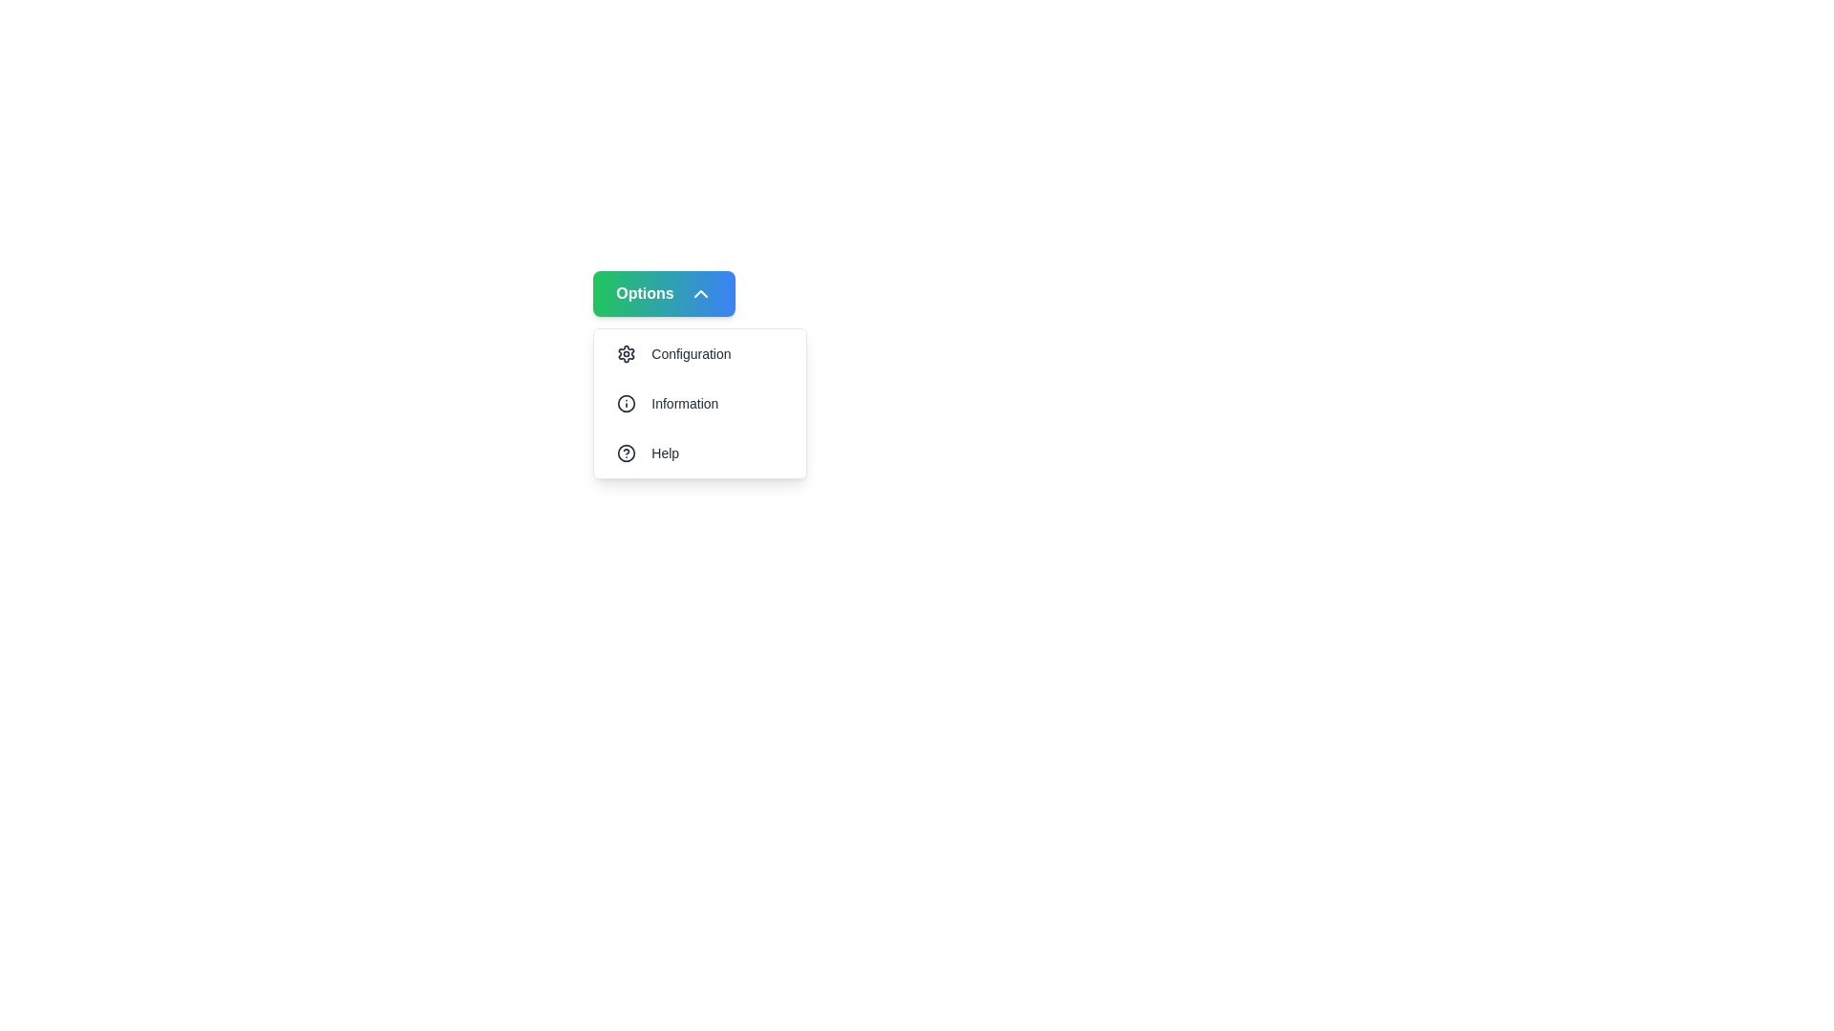 This screenshot has width=1834, height=1031. Describe the element at coordinates (684, 403) in the screenshot. I see `the 'Information' text label in the vertical dropdown menu` at that location.